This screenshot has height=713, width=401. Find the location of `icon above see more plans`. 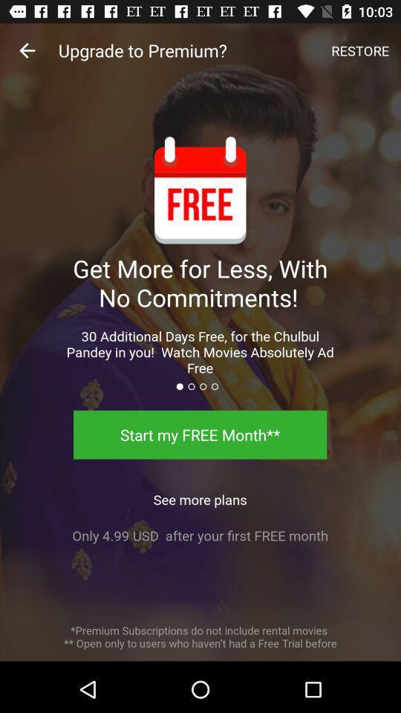

icon above see more plans is located at coordinates (200, 434).